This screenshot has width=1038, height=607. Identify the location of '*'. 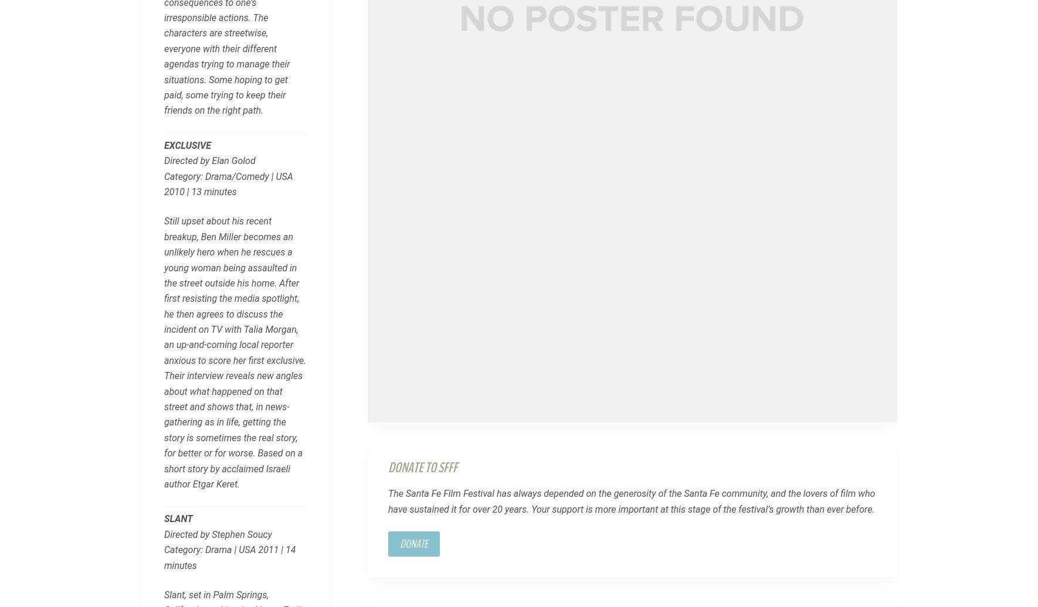
(229, 21).